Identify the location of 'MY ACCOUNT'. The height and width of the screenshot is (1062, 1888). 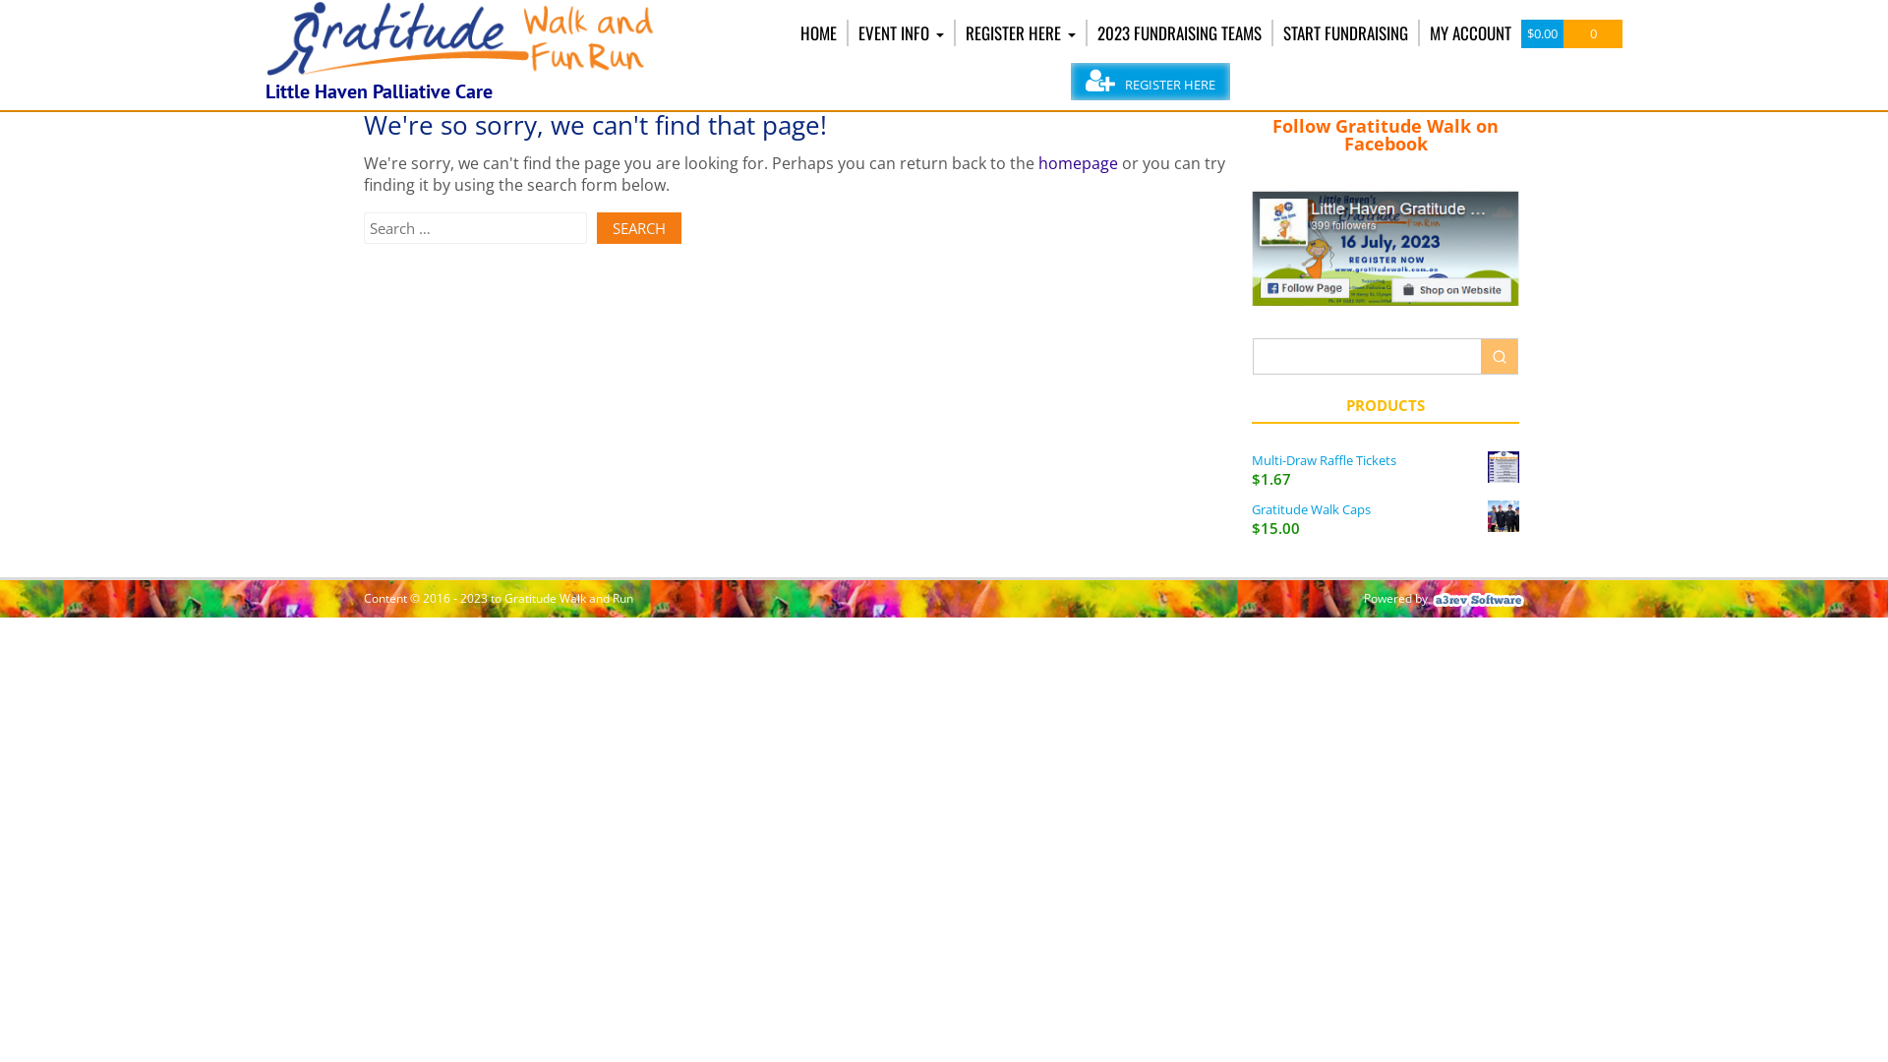
(1470, 32).